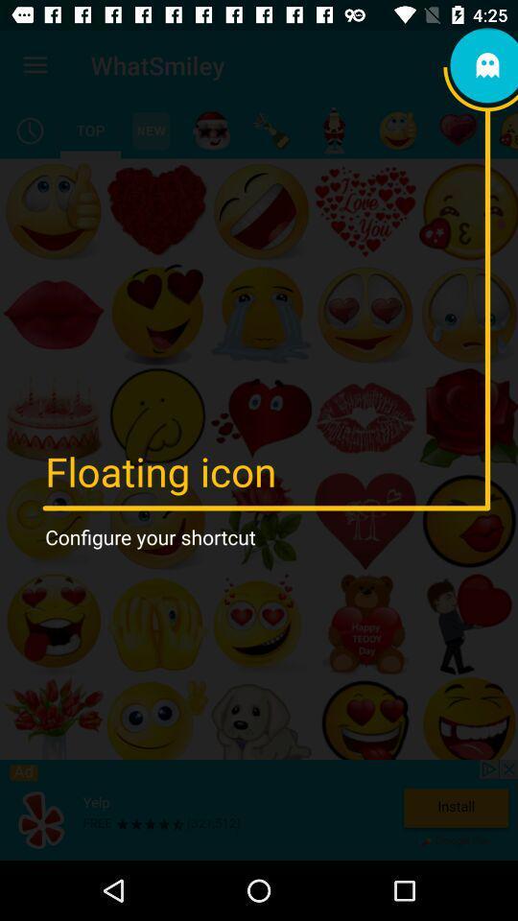  What do you see at coordinates (271, 130) in the screenshot?
I see `emoji` at bounding box center [271, 130].